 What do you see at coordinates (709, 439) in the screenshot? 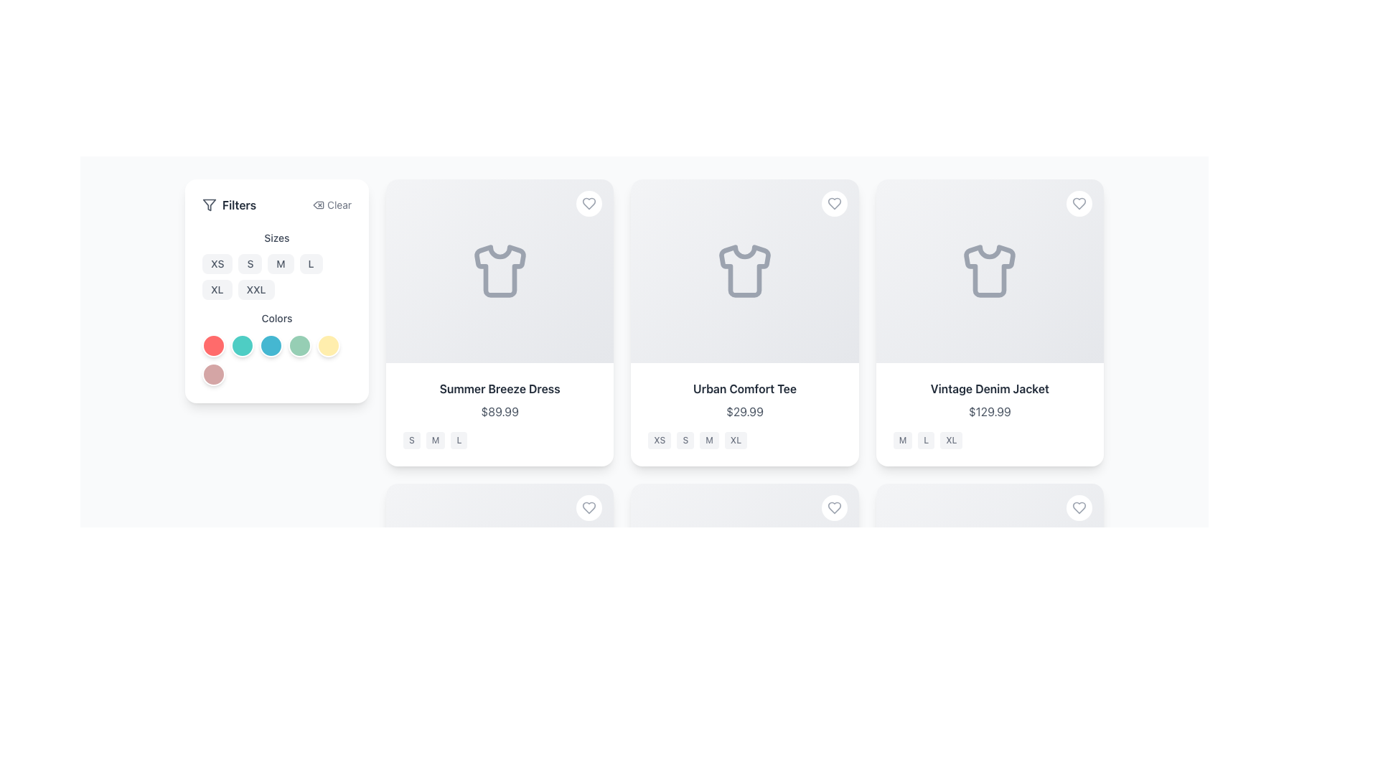
I see `the third button labeled 'M'` at bounding box center [709, 439].